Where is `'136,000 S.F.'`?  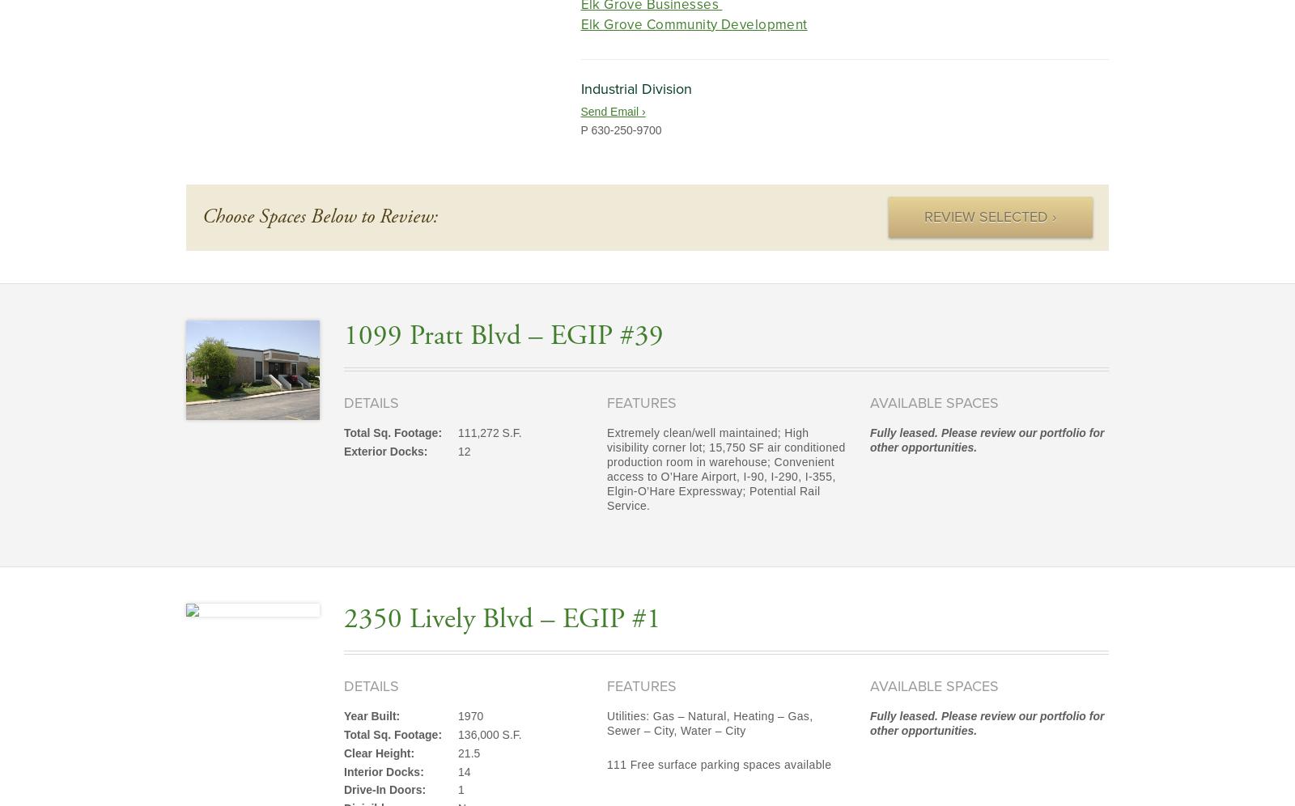
'136,000 S.F.' is located at coordinates (457, 732).